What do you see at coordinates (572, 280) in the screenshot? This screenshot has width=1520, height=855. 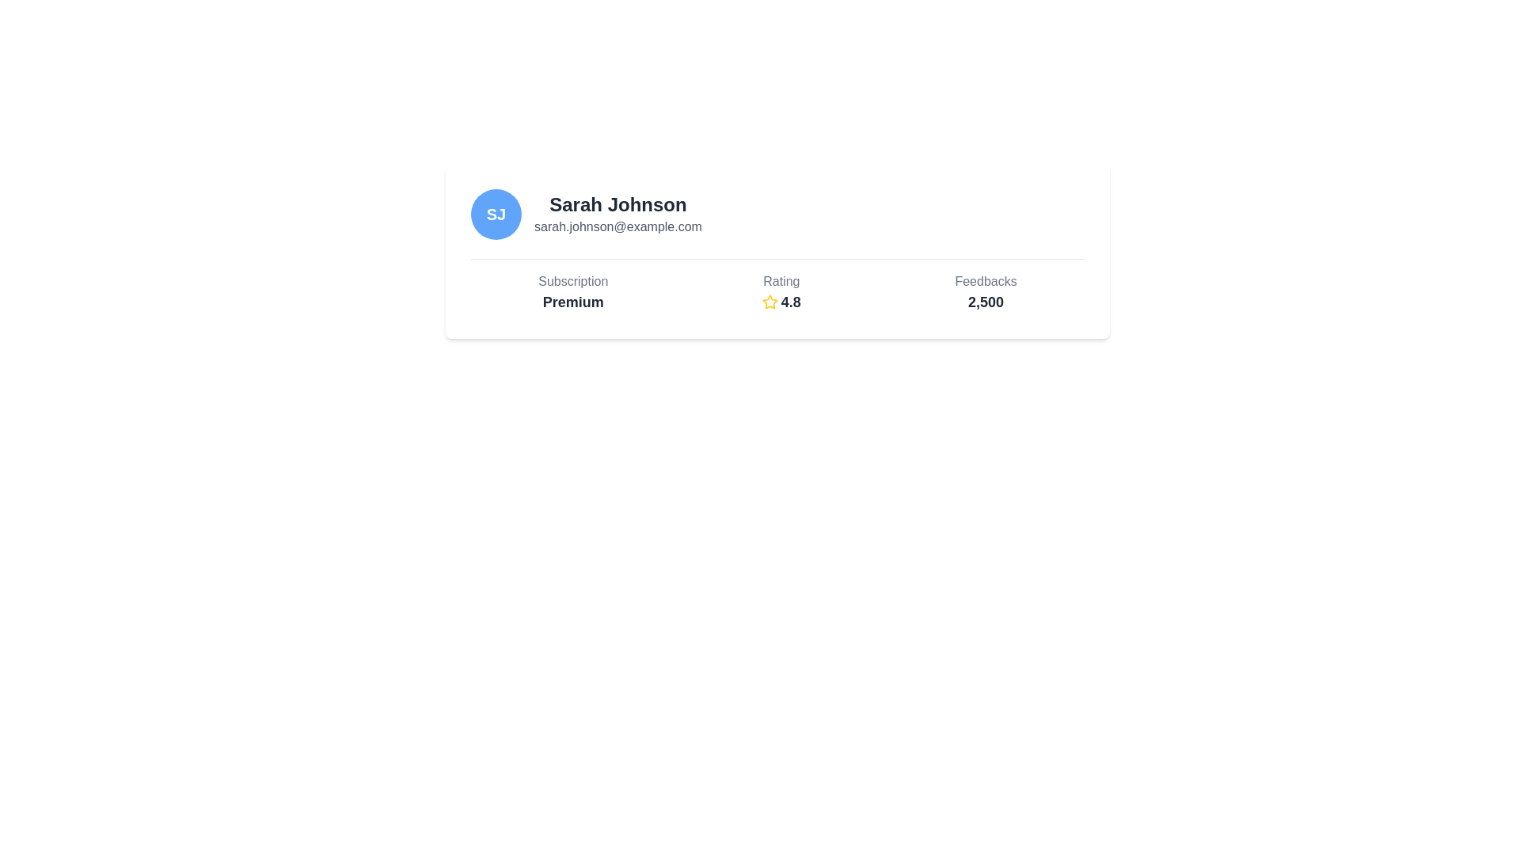 I see `the text label displaying 'Subscription' which is styled in gray and positioned above the bold text 'Premium' in a user information card` at bounding box center [572, 280].